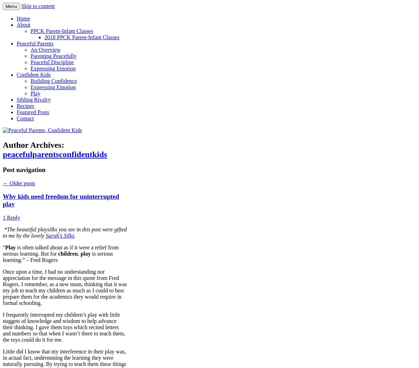  What do you see at coordinates (2, 154) in the screenshot?
I see `'peacefulparentsconfidentkids'` at bounding box center [2, 154].